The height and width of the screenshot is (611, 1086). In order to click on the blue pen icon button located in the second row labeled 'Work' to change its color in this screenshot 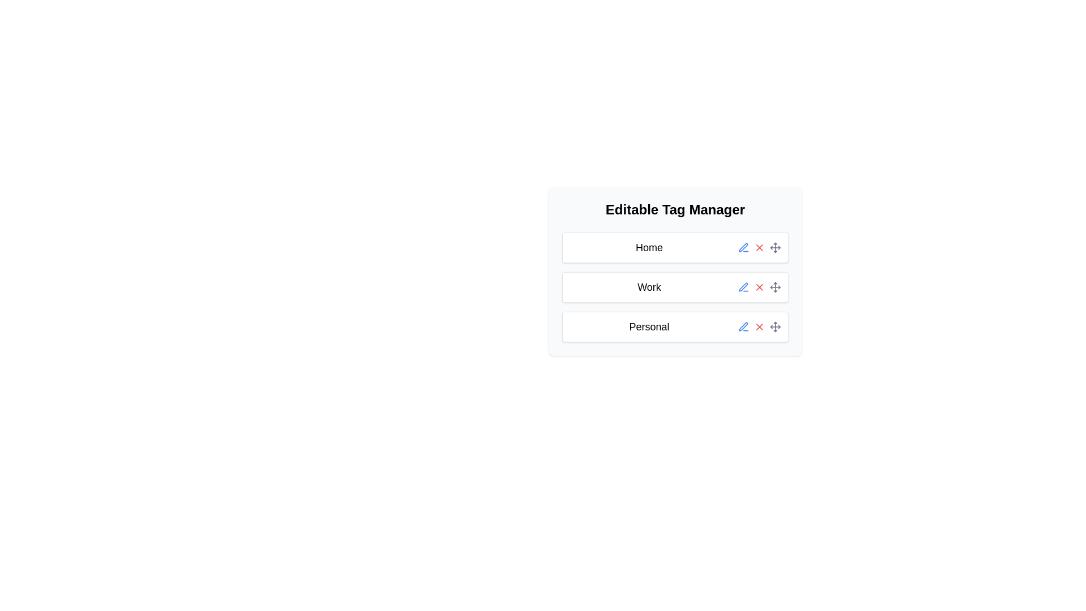, I will do `click(744, 287)`.